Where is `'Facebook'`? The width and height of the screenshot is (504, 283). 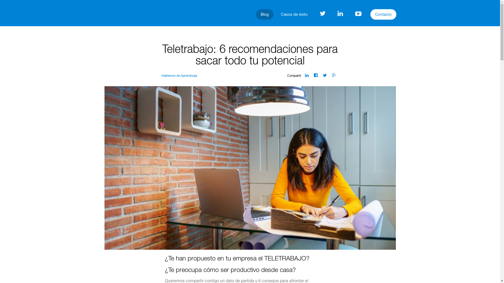 'Facebook' is located at coordinates (316, 75).